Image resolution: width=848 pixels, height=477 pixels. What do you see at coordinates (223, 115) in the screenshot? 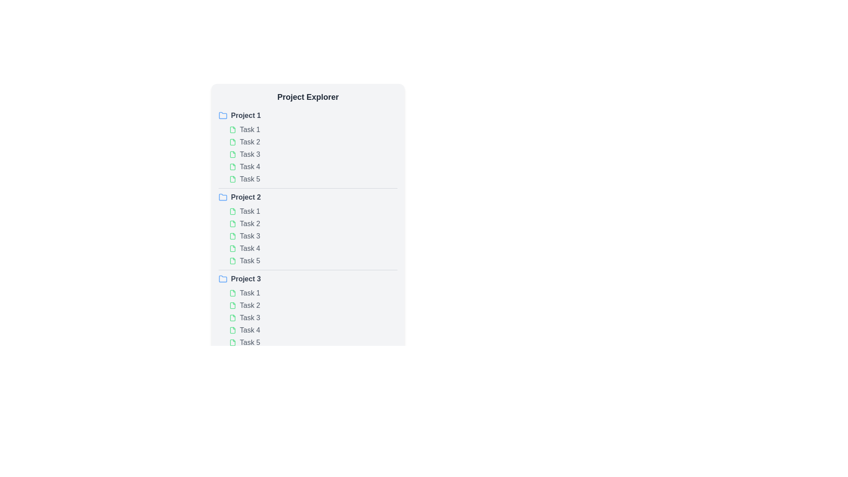
I see `the folder icon representing the 'Project 1' directory` at bounding box center [223, 115].